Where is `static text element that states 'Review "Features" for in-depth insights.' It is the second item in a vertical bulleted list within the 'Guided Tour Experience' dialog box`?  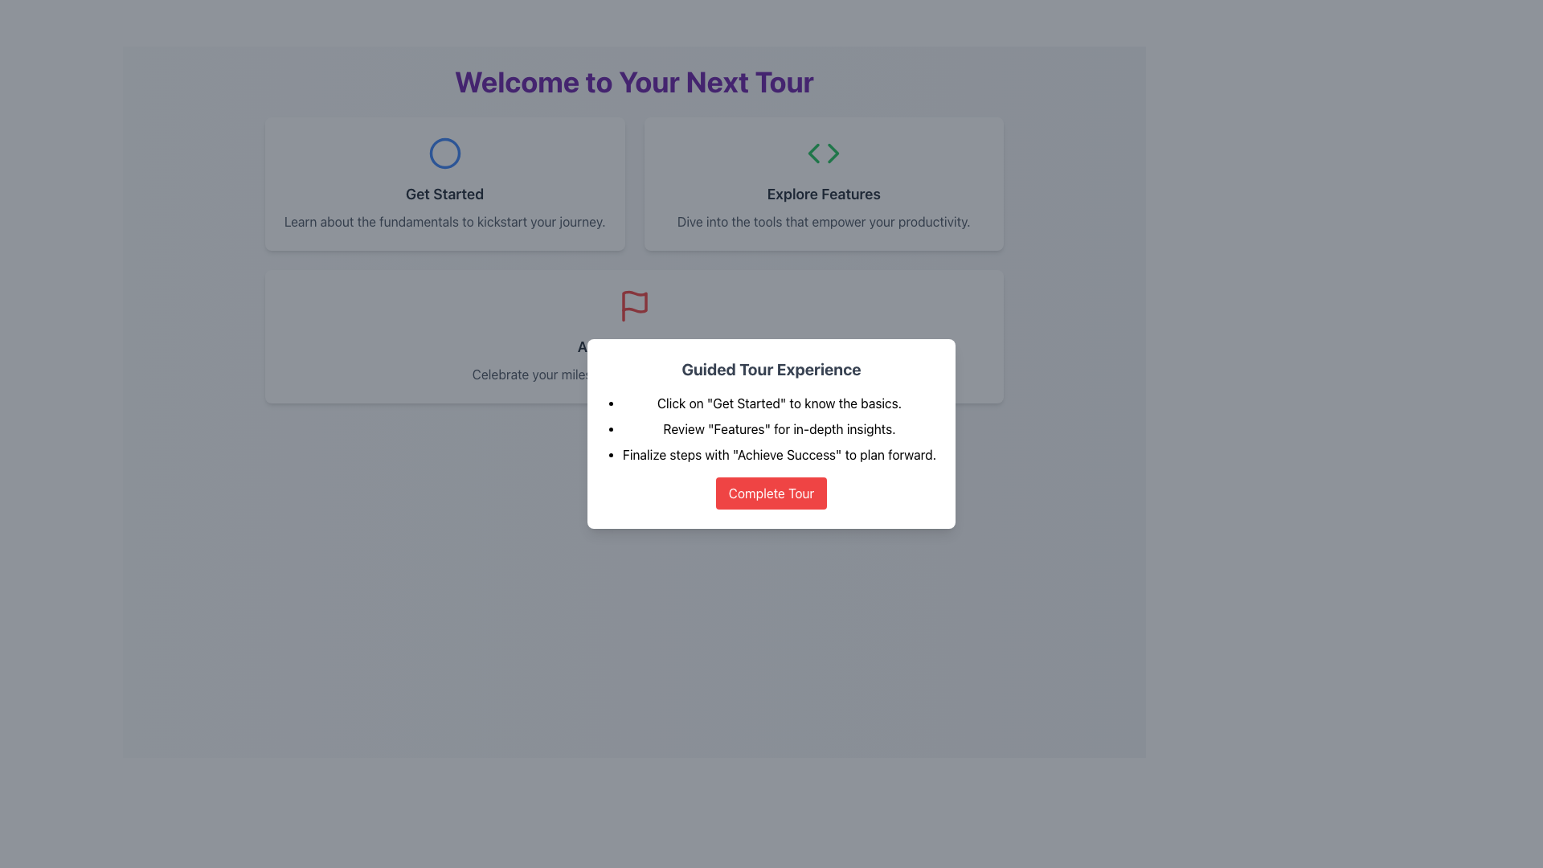
static text element that states 'Review "Features" for in-depth insights.' It is the second item in a vertical bulleted list within the 'Guided Tour Experience' dialog box is located at coordinates (779, 428).